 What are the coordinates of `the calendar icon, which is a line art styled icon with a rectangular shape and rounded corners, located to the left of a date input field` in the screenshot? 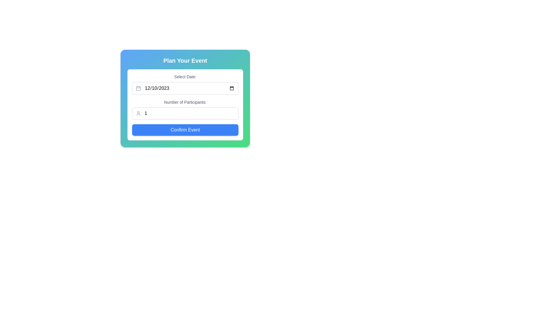 It's located at (138, 88).